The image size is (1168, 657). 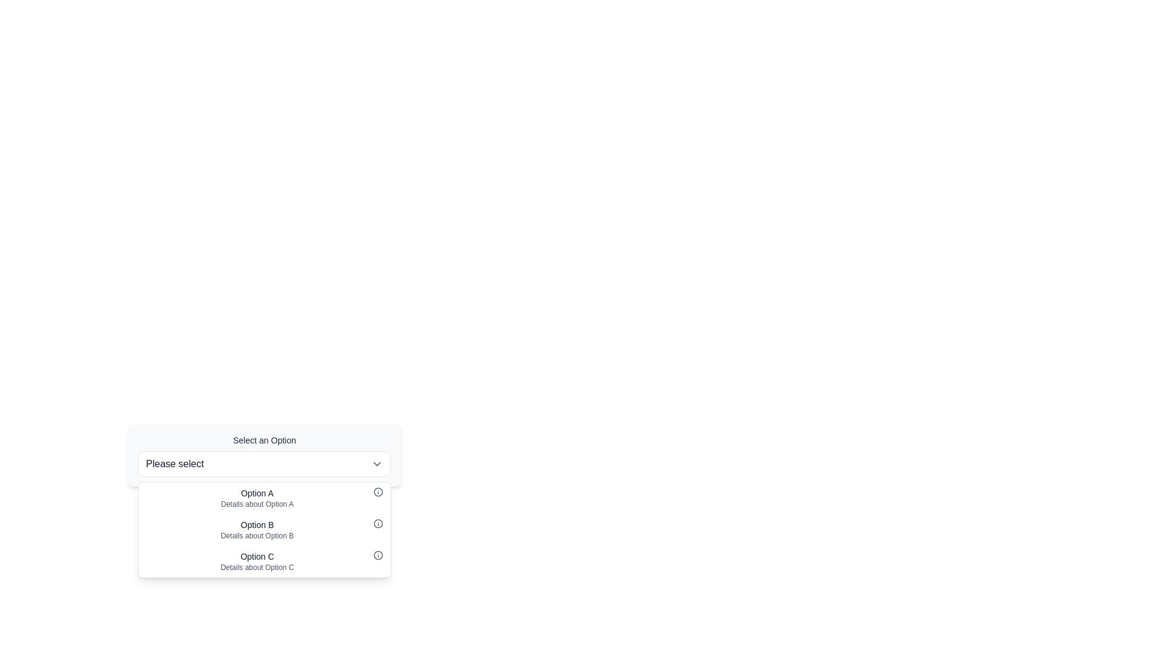 What do you see at coordinates (264, 561) in the screenshot?
I see `the third option 'Option C' in the dropdown menu titled 'Select an Option'` at bounding box center [264, 561].